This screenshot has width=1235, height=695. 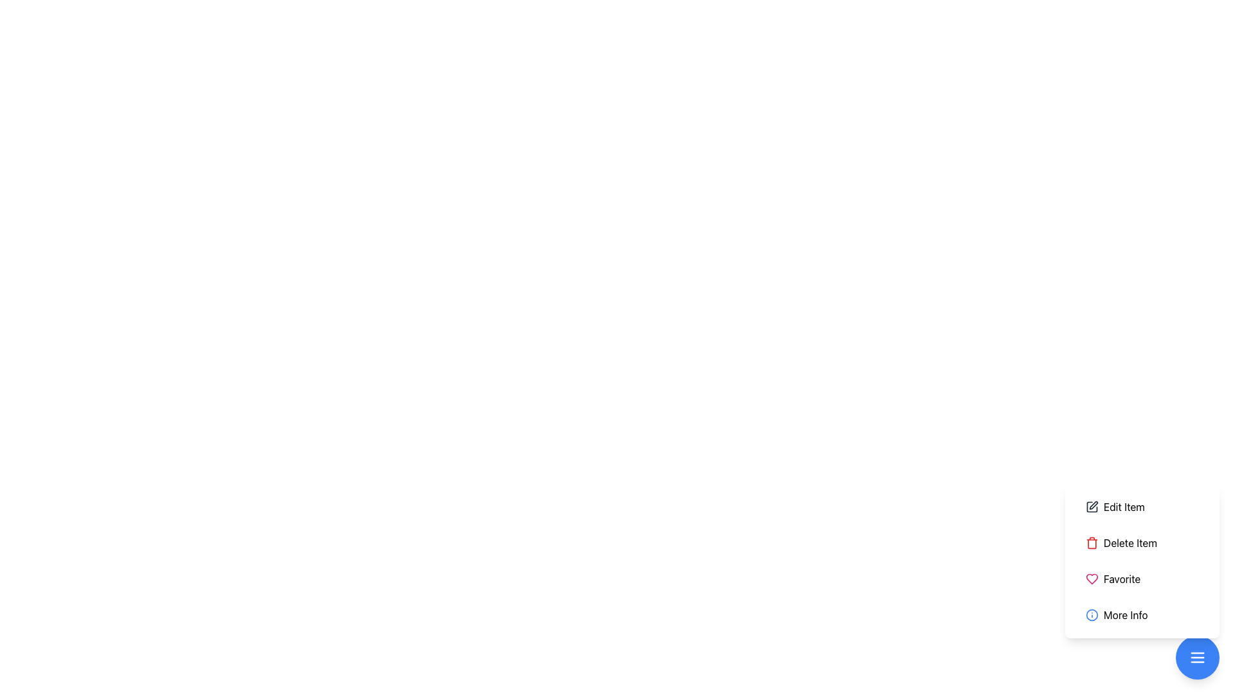 I want to click on the heart-shaped 'Favorite' icon, which is pink and outlined, located to the left of the label 'Favorite' in the vertical menu, so click(x=1092, y=578).